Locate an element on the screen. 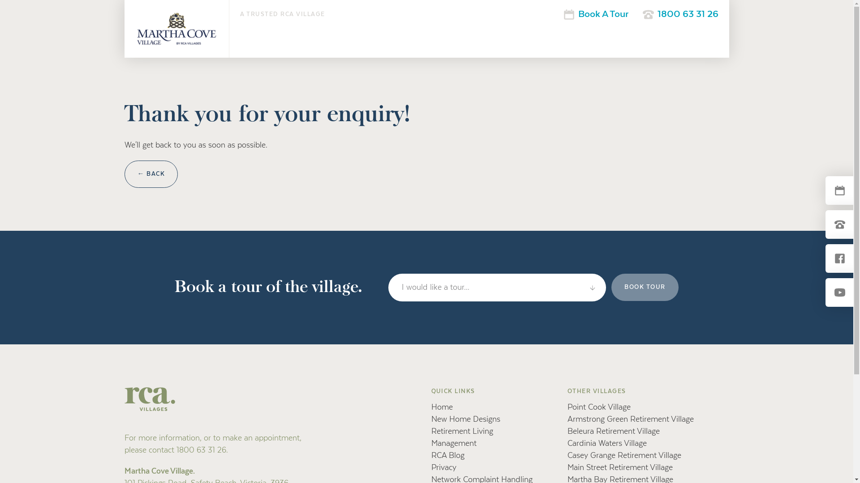 Image resolution: width=860 pixels, height=483 pixels. 'Home' is located at coordinates (430, 407).